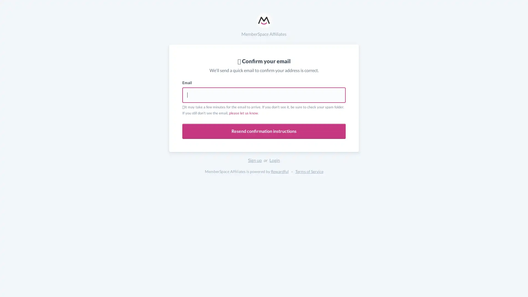 This screenshot has width=528, height=297. What do you see at coordinates (264, 131) in the screenshot?
I see `Resend confirmation instructions` at bounding box center [264, 131].